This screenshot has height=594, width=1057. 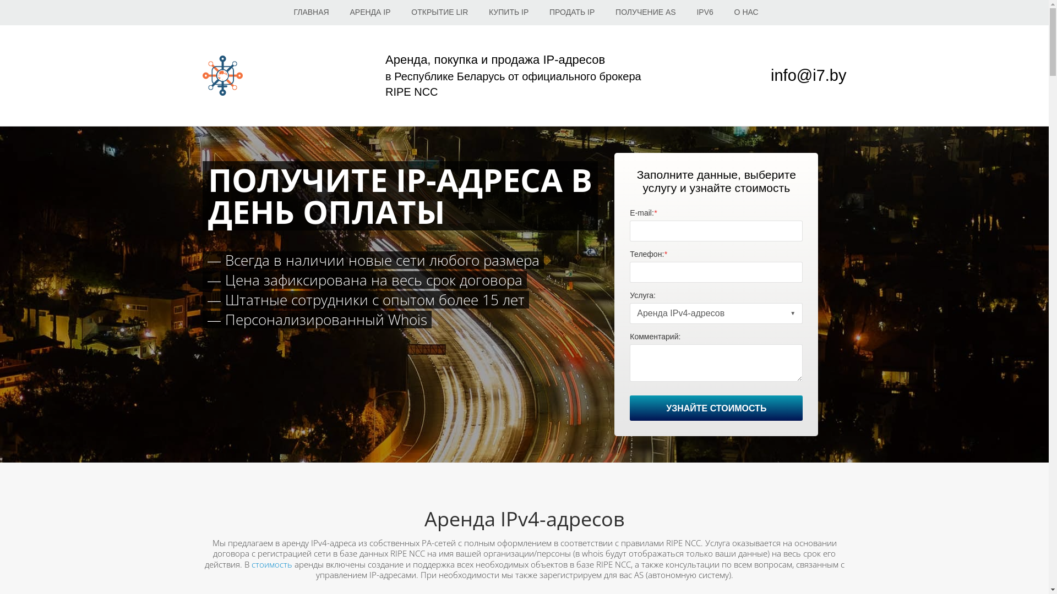 I want to click on 'IPV6', so click(x=705, y=13).